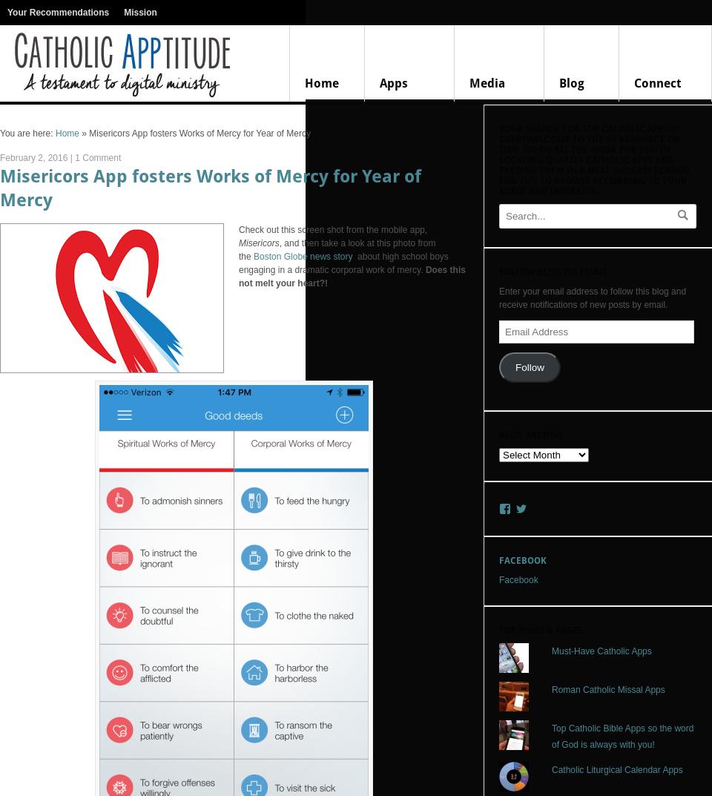 This screenshot has width=712, height=796. Describe the element at coordinates (392, 83) in the screenshot. I see `'Apps'` at that location.